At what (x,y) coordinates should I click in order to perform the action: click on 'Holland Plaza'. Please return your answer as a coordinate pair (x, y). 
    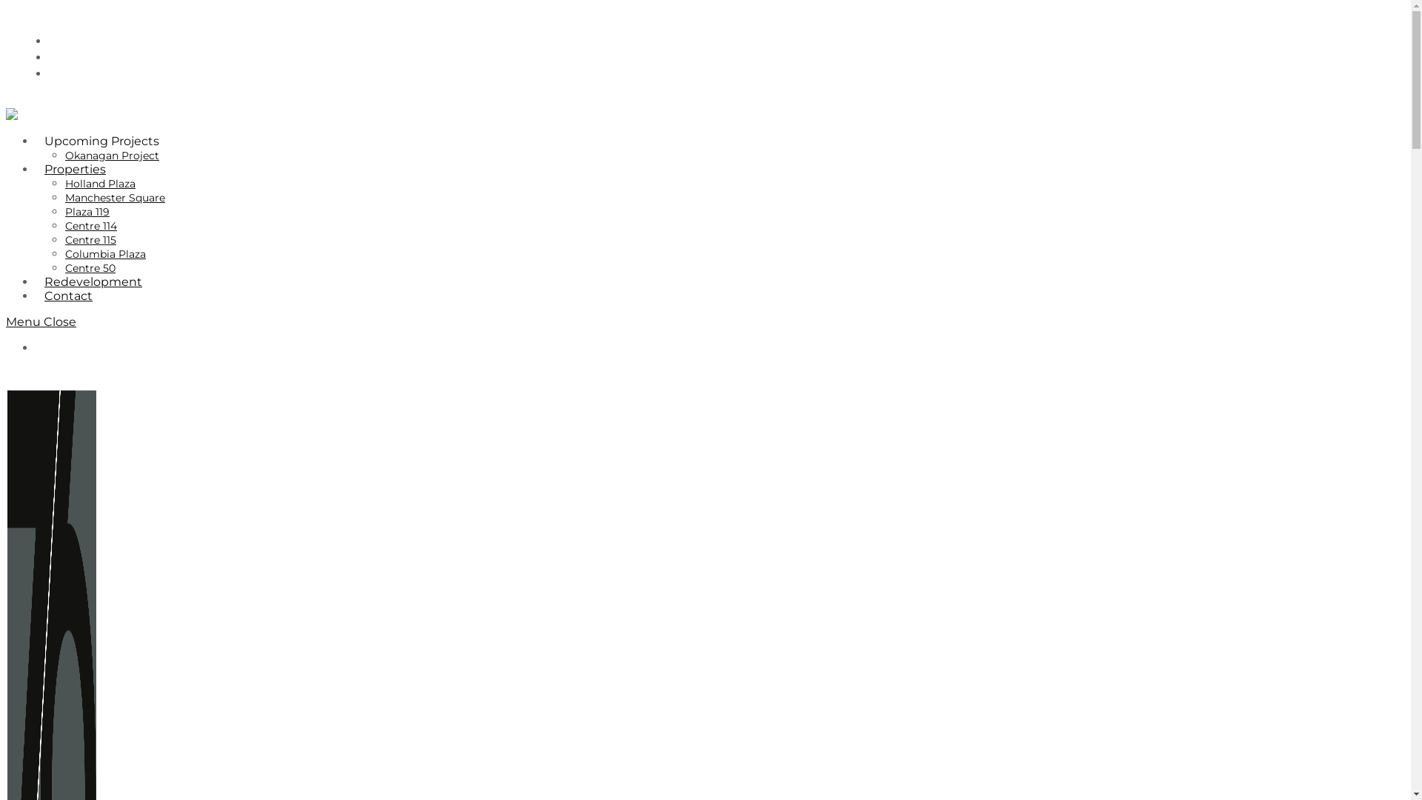
    Looking at the image, I should click on (99, 182).